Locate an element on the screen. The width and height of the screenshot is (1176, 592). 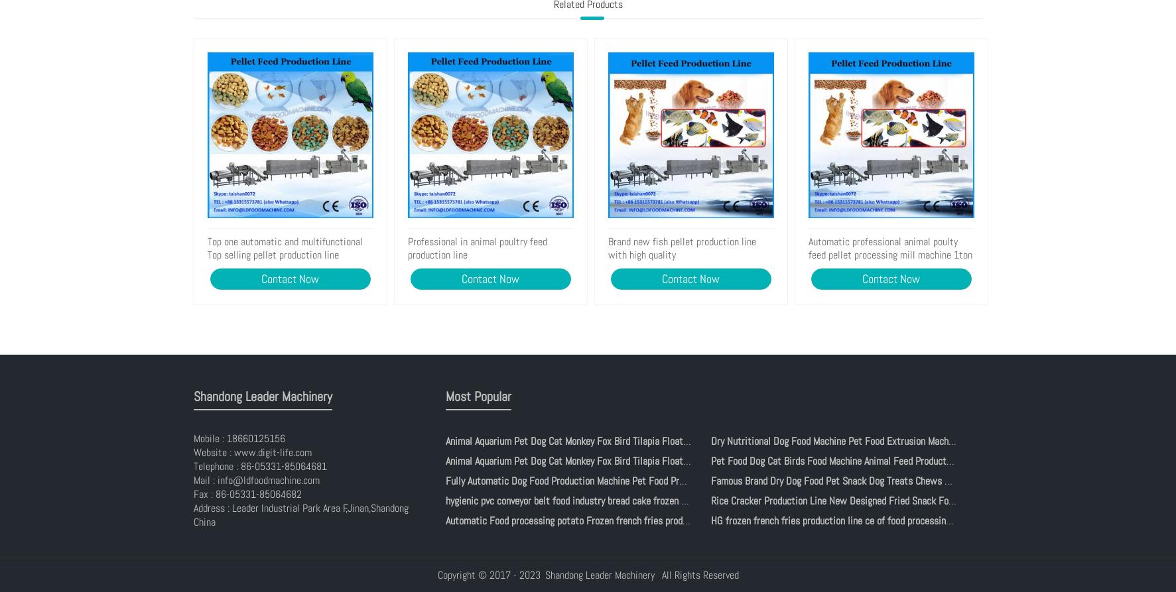
'Telephone : 86-05331-85064681' is located at coordinates (192, 466).